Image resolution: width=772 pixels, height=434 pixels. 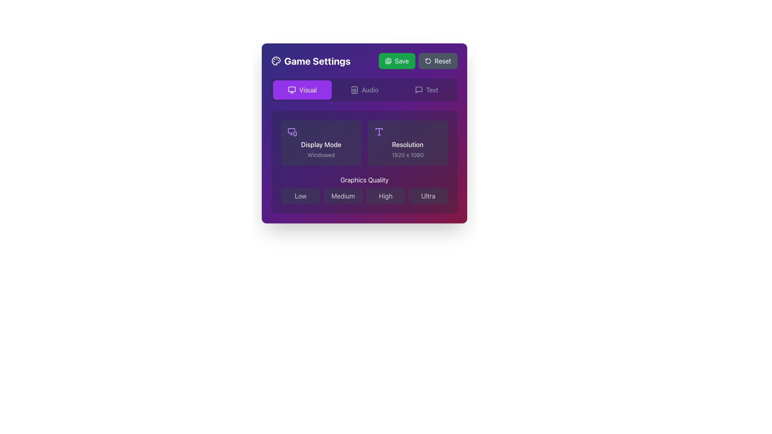 What do you see at coordinates (378, 131) in the screenshot?
I see `the purple 'T' icon representing text or typography located in the 'Resolution' section of the interface, which precedes the text labels` at bounding box center [378, 131].